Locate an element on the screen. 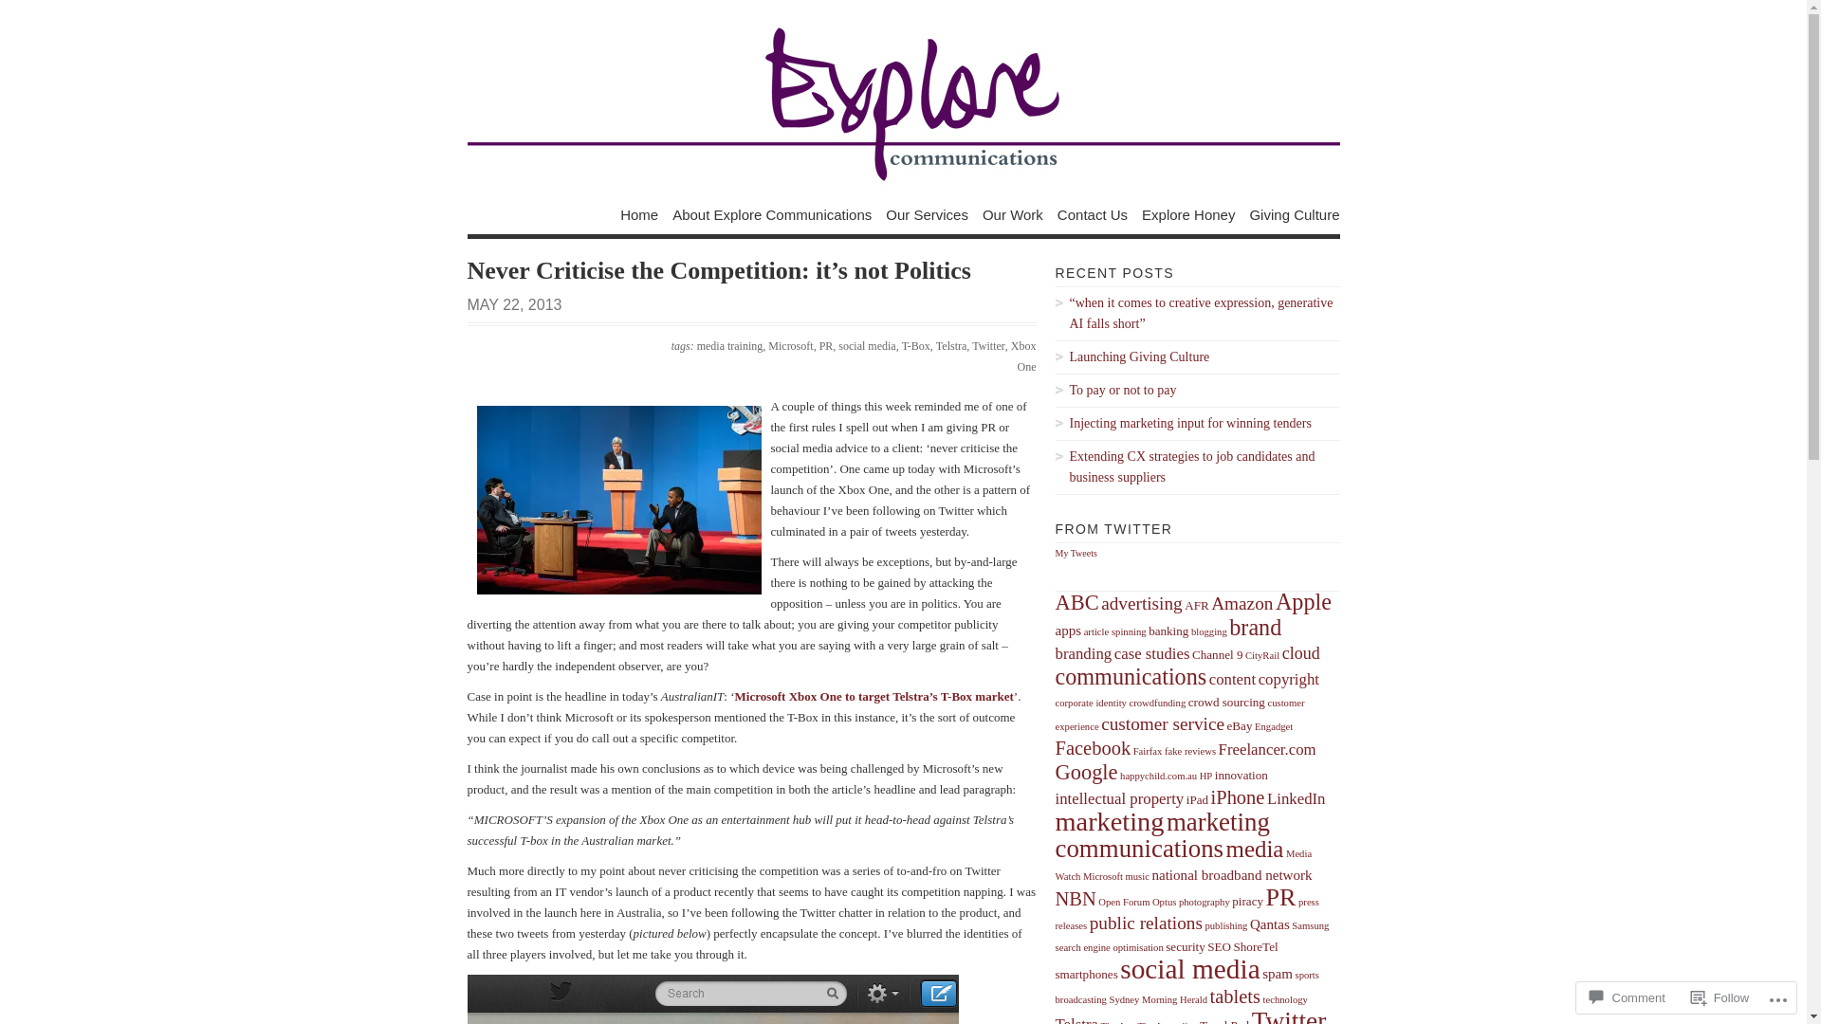 The height and width of the screenshot is (1024, 1821). 'Launching Giving Culture' is located at coordinates (1196, 357).